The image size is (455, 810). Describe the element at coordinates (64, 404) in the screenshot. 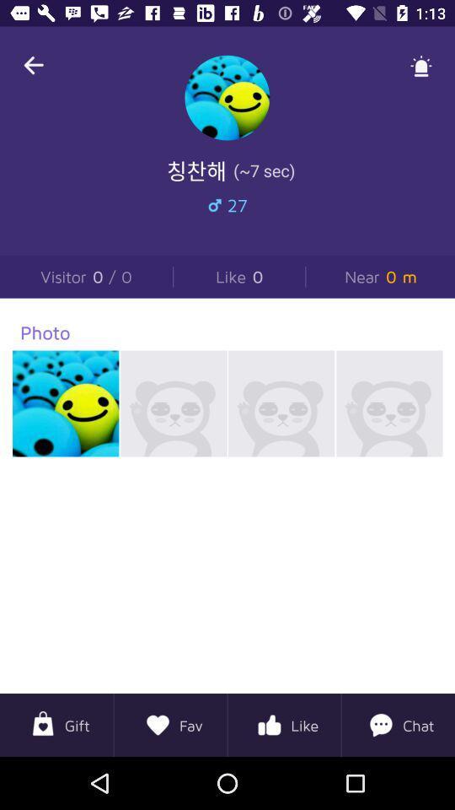

I see `1st photo` at that location.